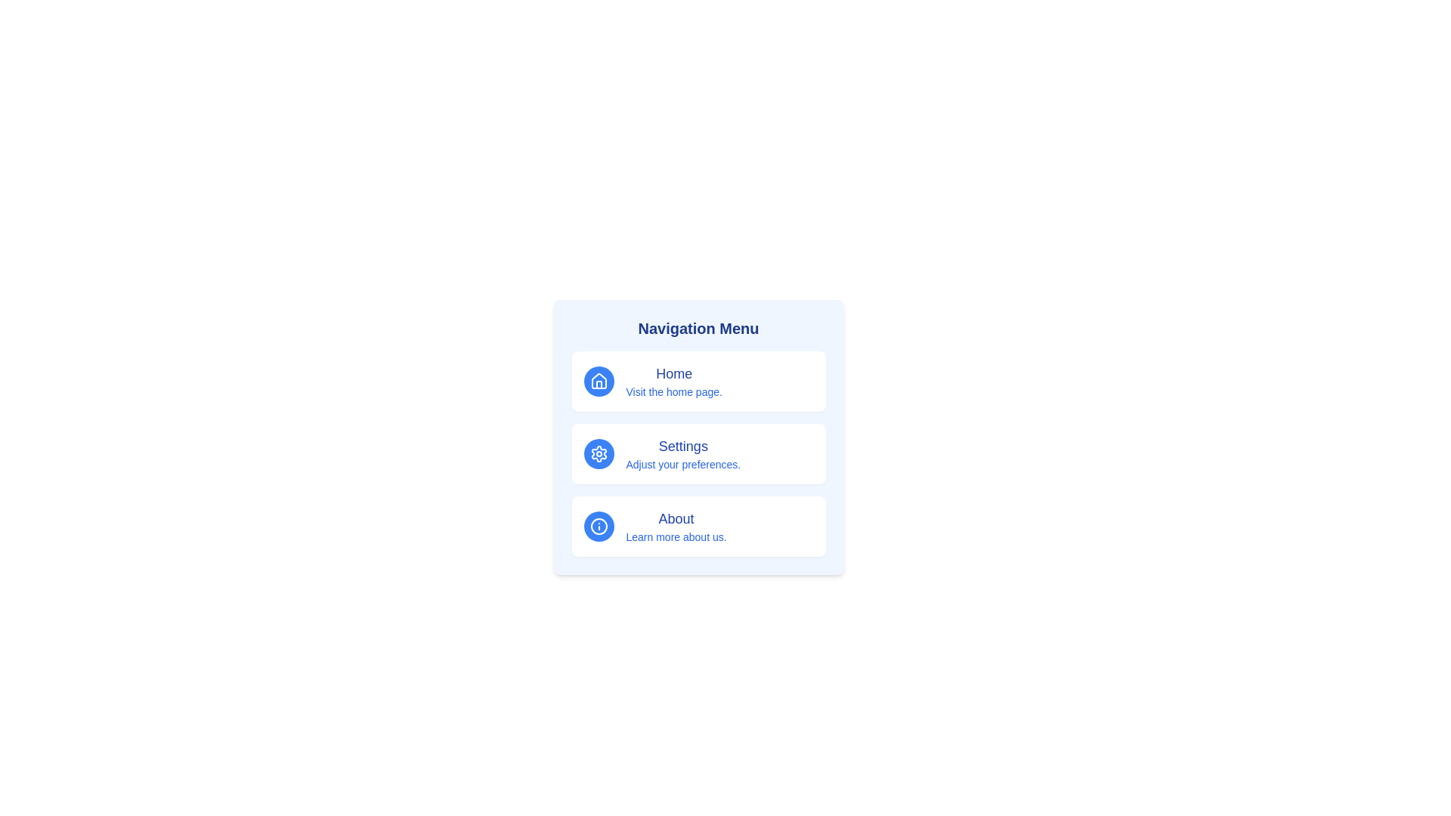 The width and height of the screenshot is (1451, 816). I want to click on the circular icon with a blue background and a white border that contains an 'info' symbol, located on the left side of the 'About' section, so click(598, 526).